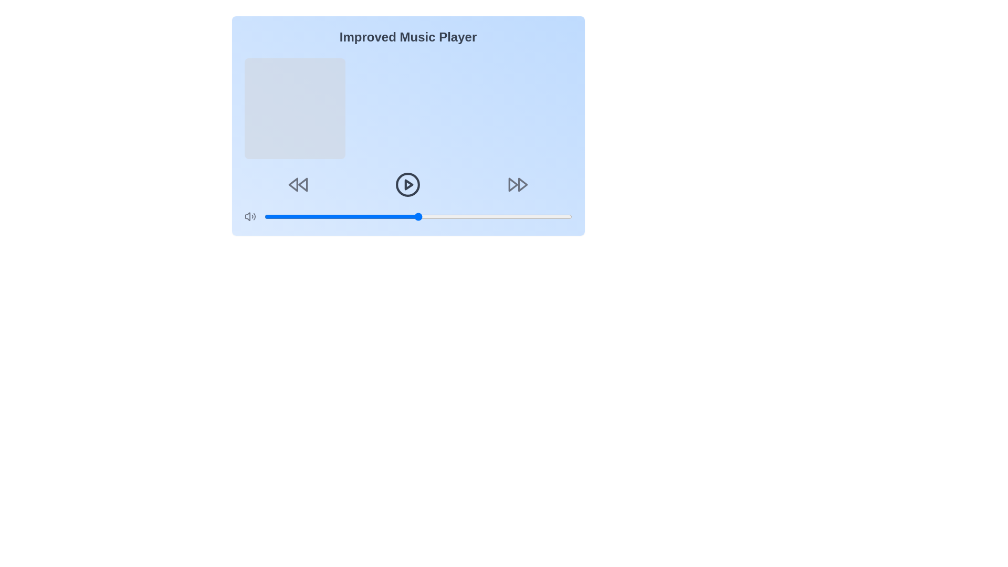  Describe the element at coordinates (384, 216) in the screenshot. I see `the slider value` at that location.